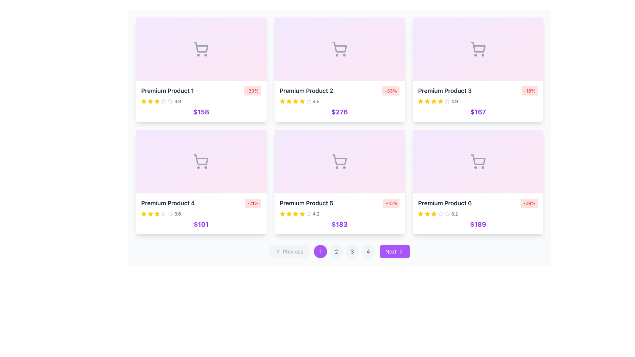 The height and width of the screenshot is (357, 635). Describe the element at coordinates (445, 91) in the screenshot. I see `text label 'Premium Product 3' which is styled with a large font, bold weight, and dark gray color, located in the top-right card of a grid of six cards, positioned just below the shopping cart icon` at that location.